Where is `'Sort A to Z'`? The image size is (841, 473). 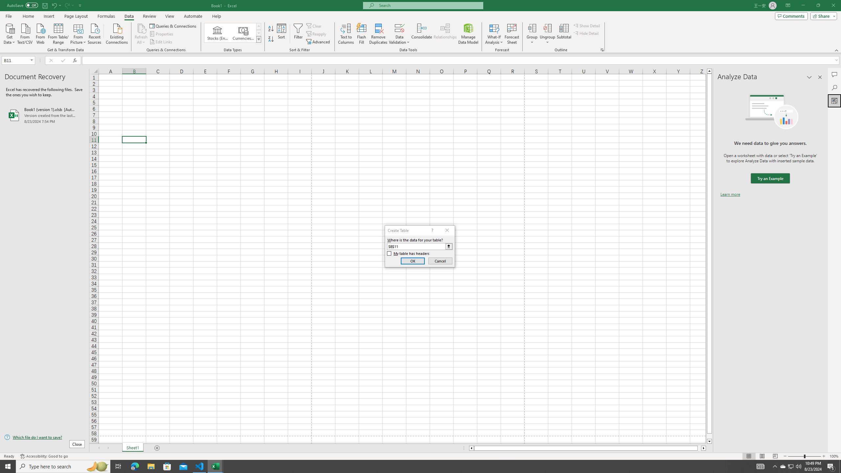 'Sort A to Z' is located at coordinates (271, 29).